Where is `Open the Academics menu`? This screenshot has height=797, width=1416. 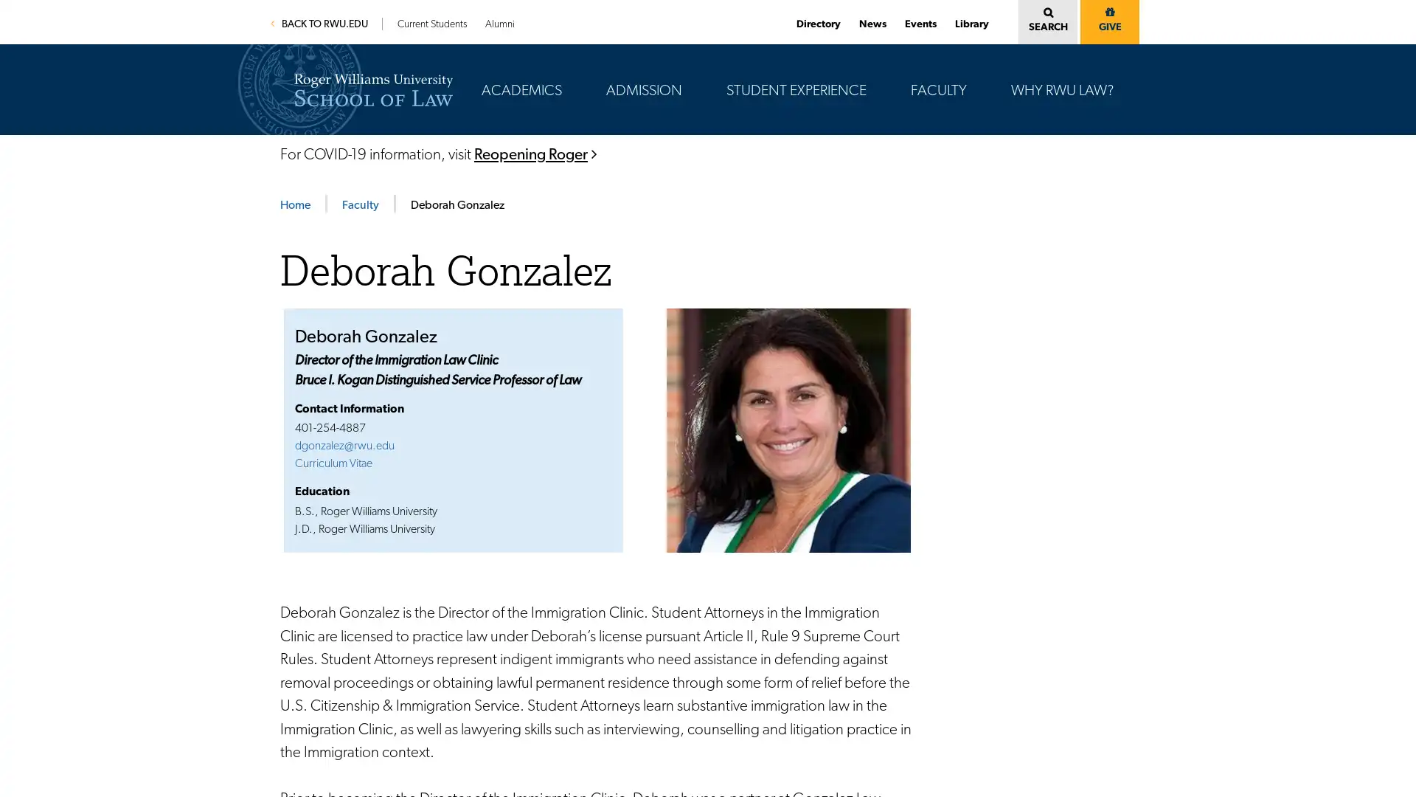
Open the Academics menu is located at coordinates (566, 46).